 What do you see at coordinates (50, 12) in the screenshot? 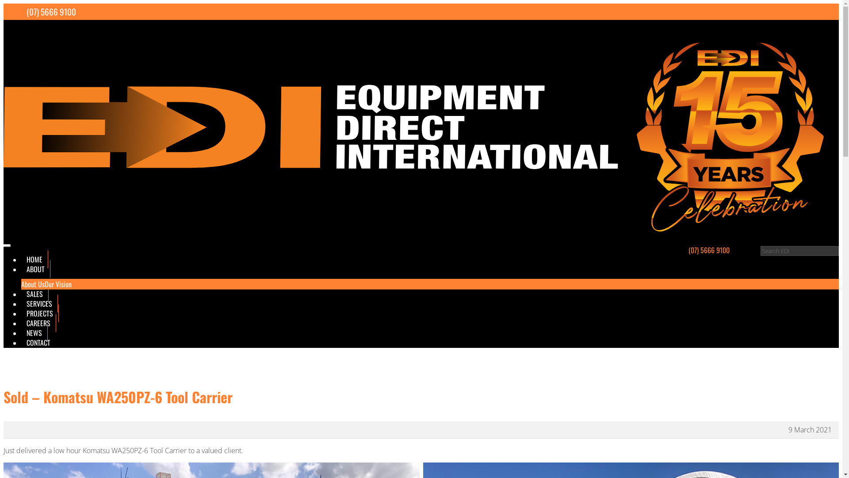
I see `'(07) 5666 9100'` at bounding box center [50, 12].